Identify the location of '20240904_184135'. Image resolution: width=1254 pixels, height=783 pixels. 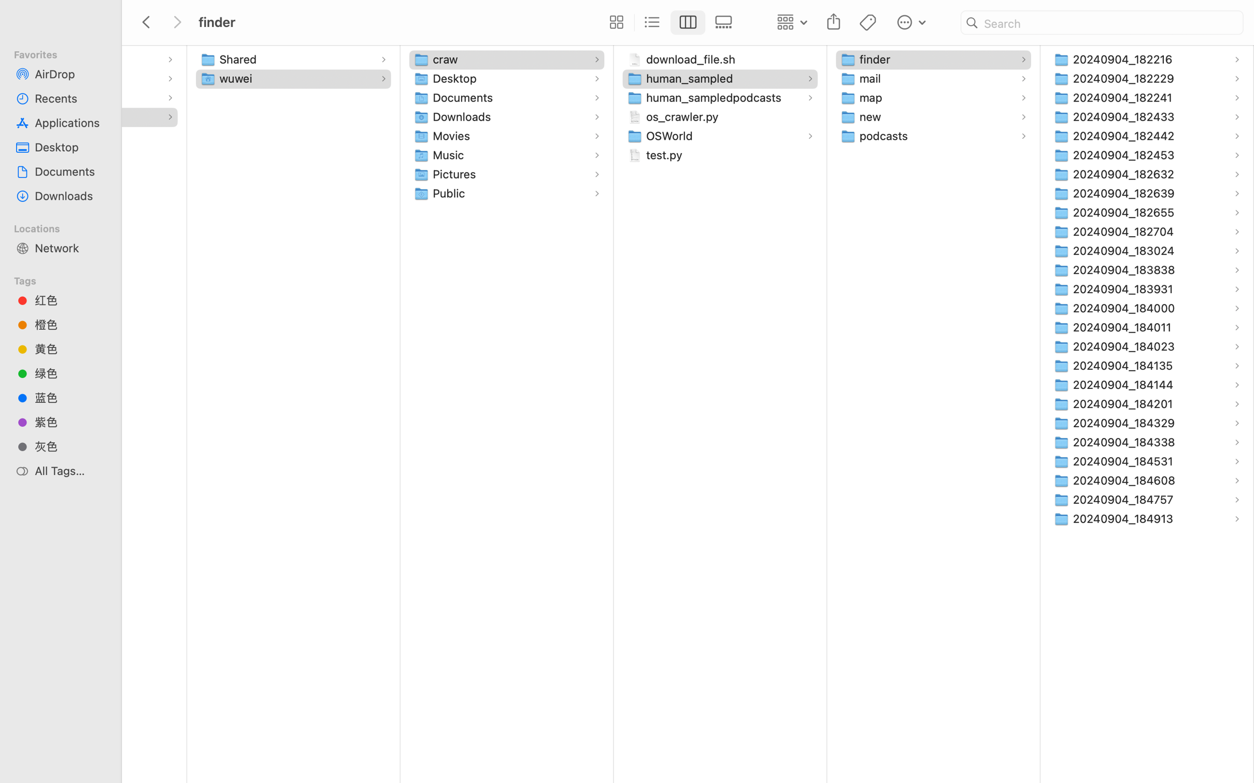
(1124, 365).